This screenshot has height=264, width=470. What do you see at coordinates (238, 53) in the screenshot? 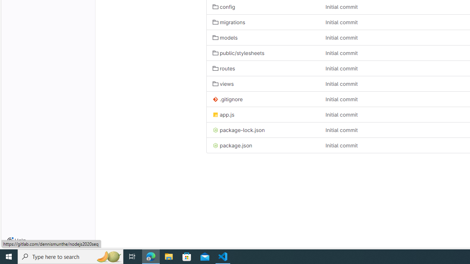
I see `'public/stylesheets'` at bounding box center [238, 53].